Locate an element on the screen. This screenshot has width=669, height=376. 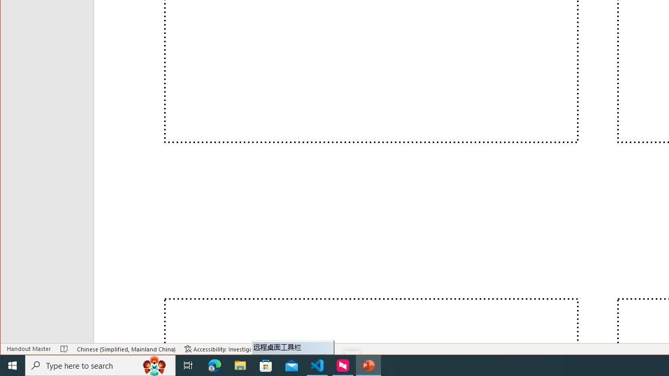
'Start' is located at coordinates (13, 365).